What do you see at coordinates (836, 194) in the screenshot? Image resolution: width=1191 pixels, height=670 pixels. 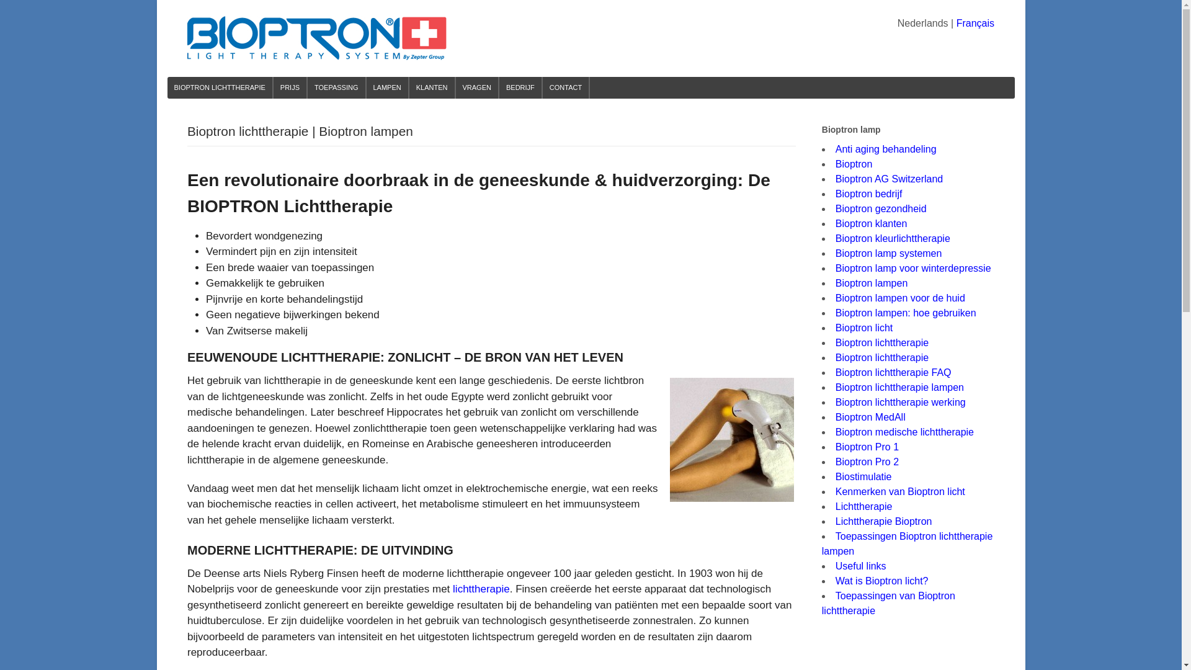 I see `'Bioptron bedrijf'` at bounding box center [836, 194].